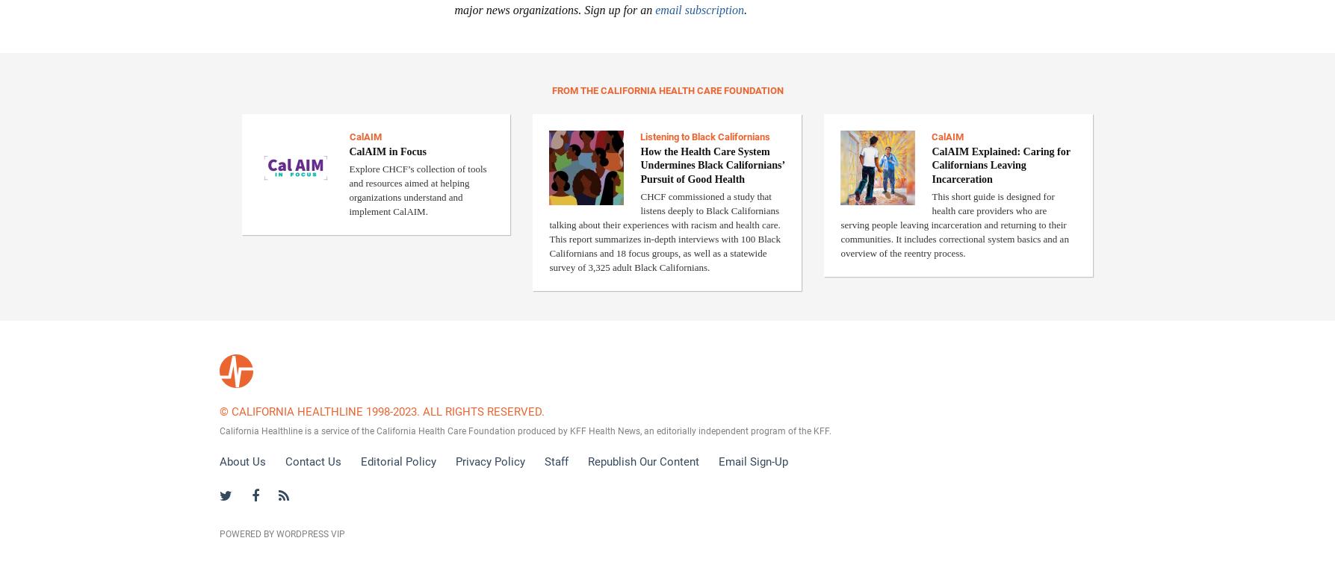  What do you see at coordinates (218, 410) in the screenshot?
I see `'© California Healthline 1998-2023. All Rights Reserved.'` at bounding box center [218, 410].